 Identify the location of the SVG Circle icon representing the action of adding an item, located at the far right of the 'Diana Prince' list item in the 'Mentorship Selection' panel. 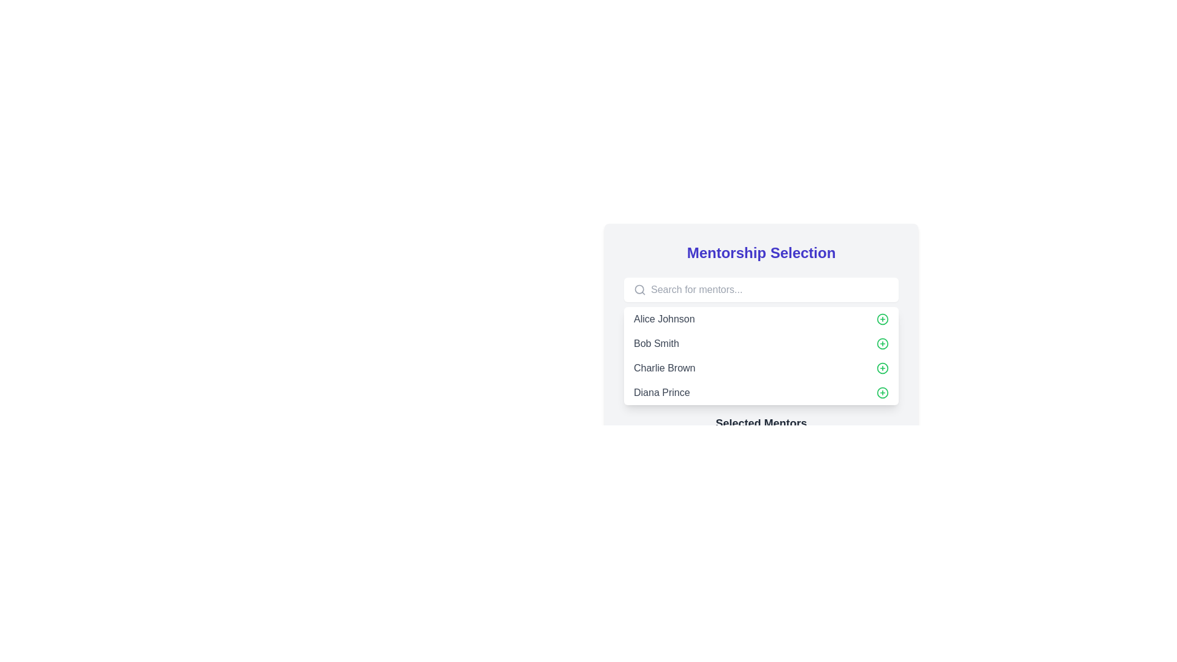
(883, 392).